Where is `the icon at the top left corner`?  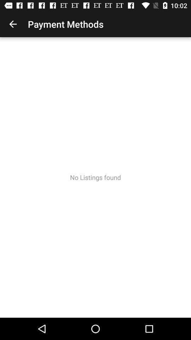 the icon at the top left corner is located at coordinates (13, 24).